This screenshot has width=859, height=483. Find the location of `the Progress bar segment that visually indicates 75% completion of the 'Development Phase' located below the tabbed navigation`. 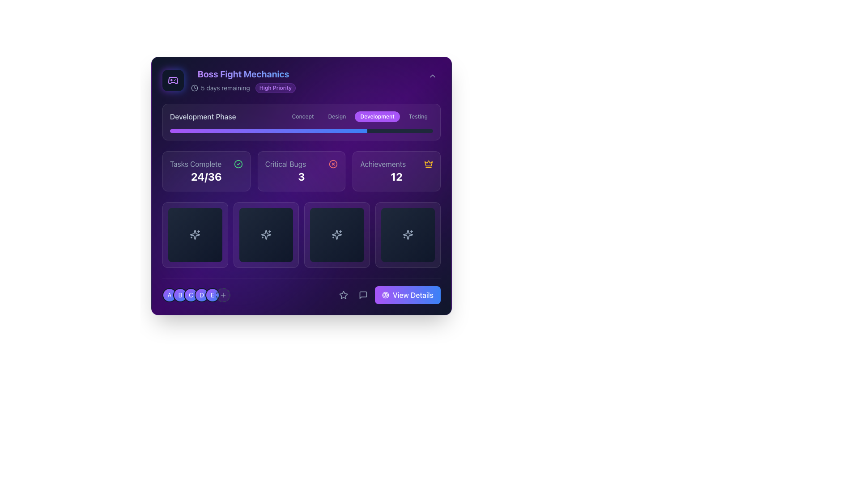

the Progress bar segment that visually indicates 75% completion of the 'Development Phase' located below the tabbed navigation is located at coordinates (268, 131).